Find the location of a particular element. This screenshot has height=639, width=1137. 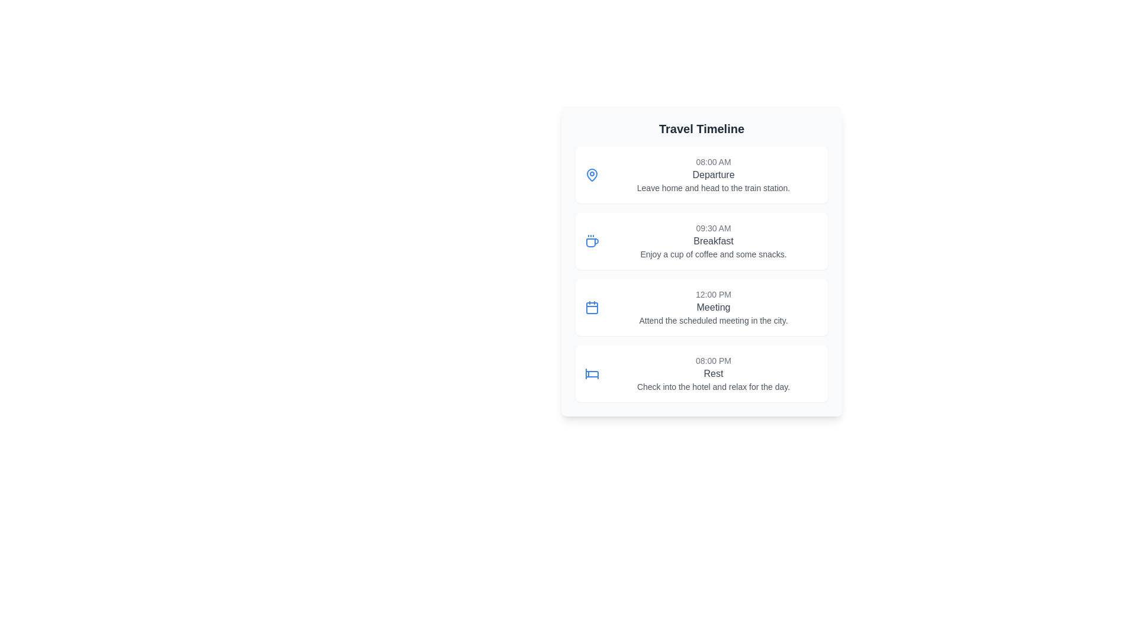

the blue map pin icon located on the left side of the list item for the '08:00 AM Departure' event is located at coordinates (592, 175).